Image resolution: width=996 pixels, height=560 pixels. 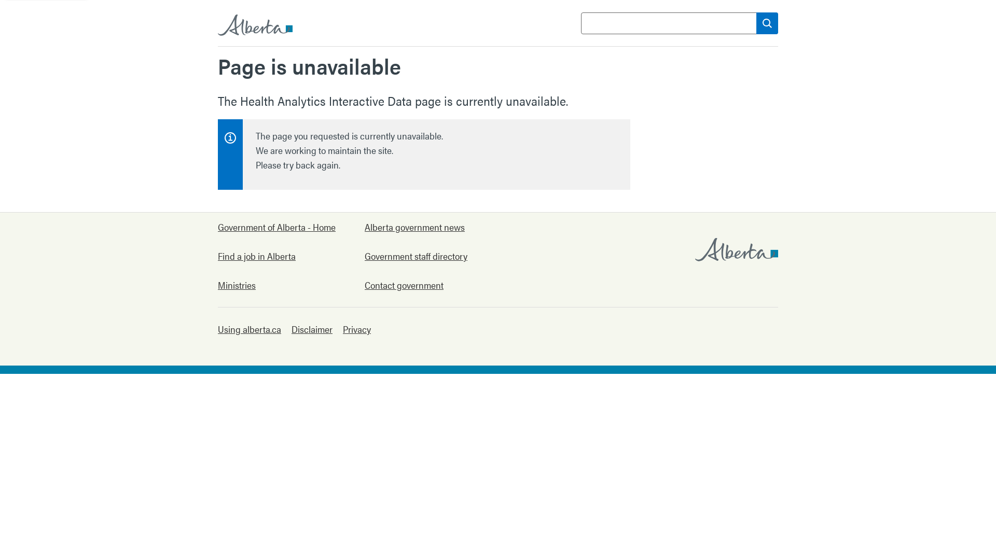 I want to click on 'Find a job in Alberta', so click(x=276, y=256).